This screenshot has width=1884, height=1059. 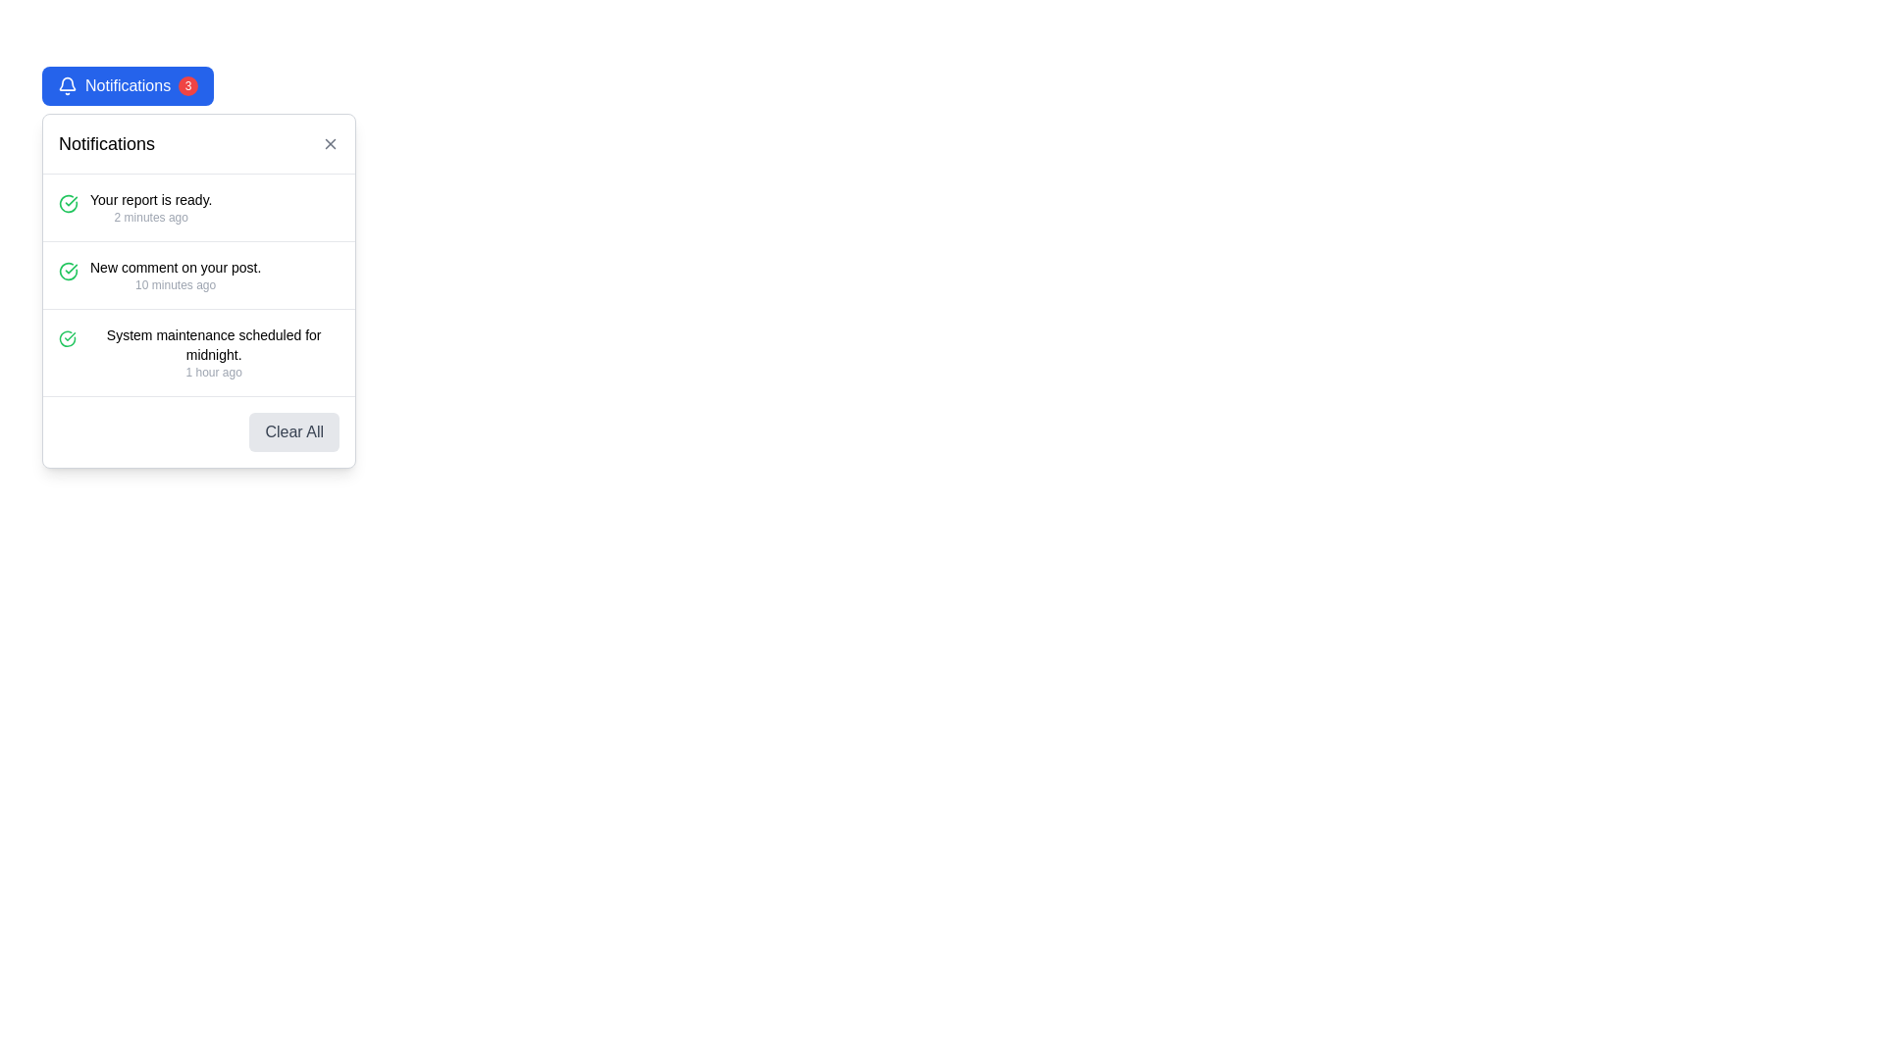 I want to click on the static text label that provides information about the readiness of a report in the notifications panel, so click(x=150, y=200).